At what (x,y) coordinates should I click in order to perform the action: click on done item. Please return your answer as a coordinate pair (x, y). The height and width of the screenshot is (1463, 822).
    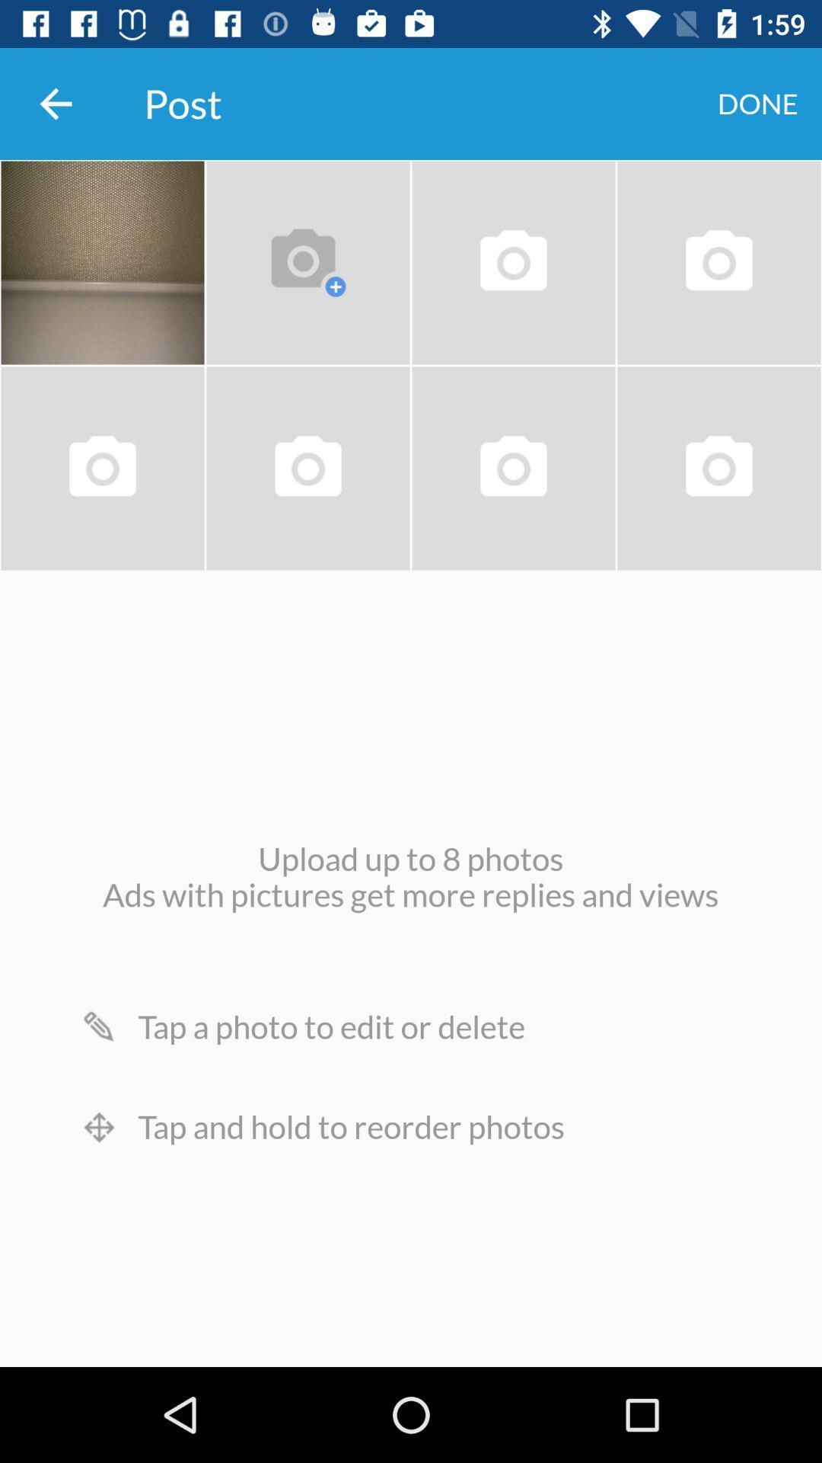
    Looking at the image, I should click on (757, 103).